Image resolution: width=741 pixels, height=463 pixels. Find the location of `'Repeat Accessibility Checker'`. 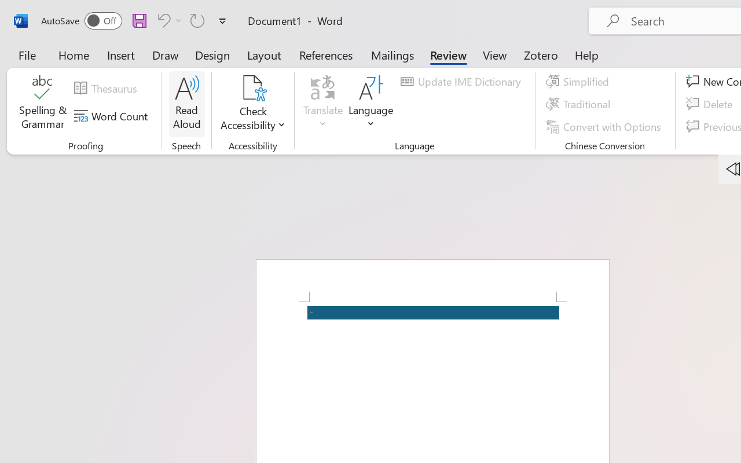

'Repeat Accessibility Checker' is located at coordinates (197, 20).